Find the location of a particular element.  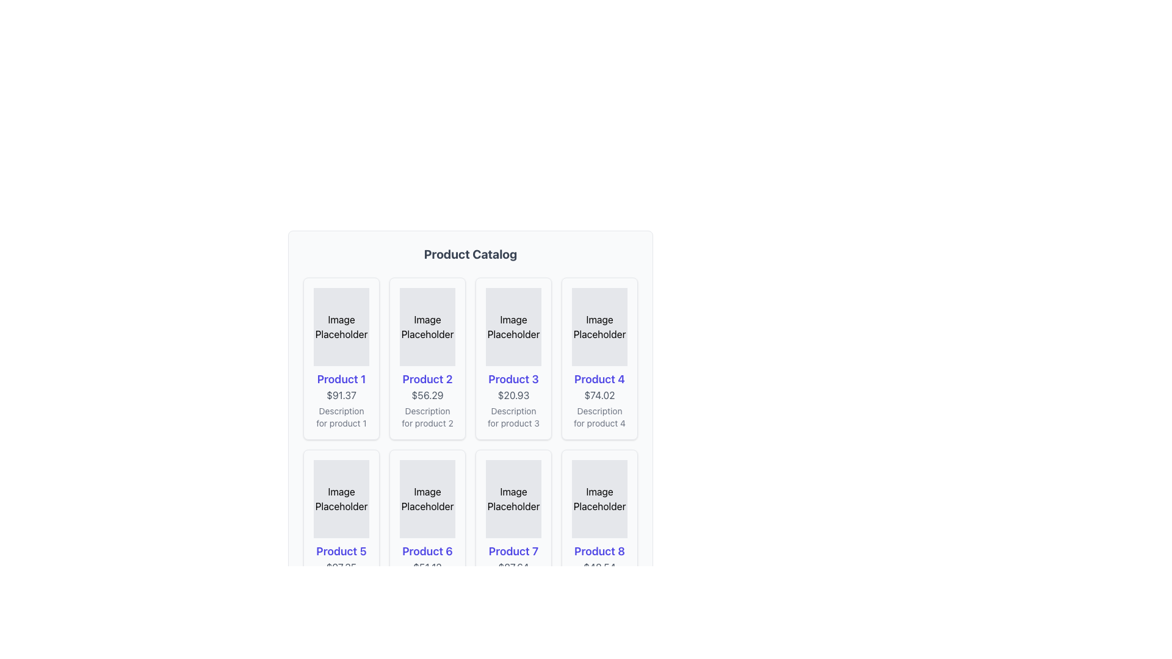

the 'Image Placeholder' element, which is a gray rectangular box with centered black text, located at the topmost section of the card for 'Product 8' is located at coordinates (599, 499).